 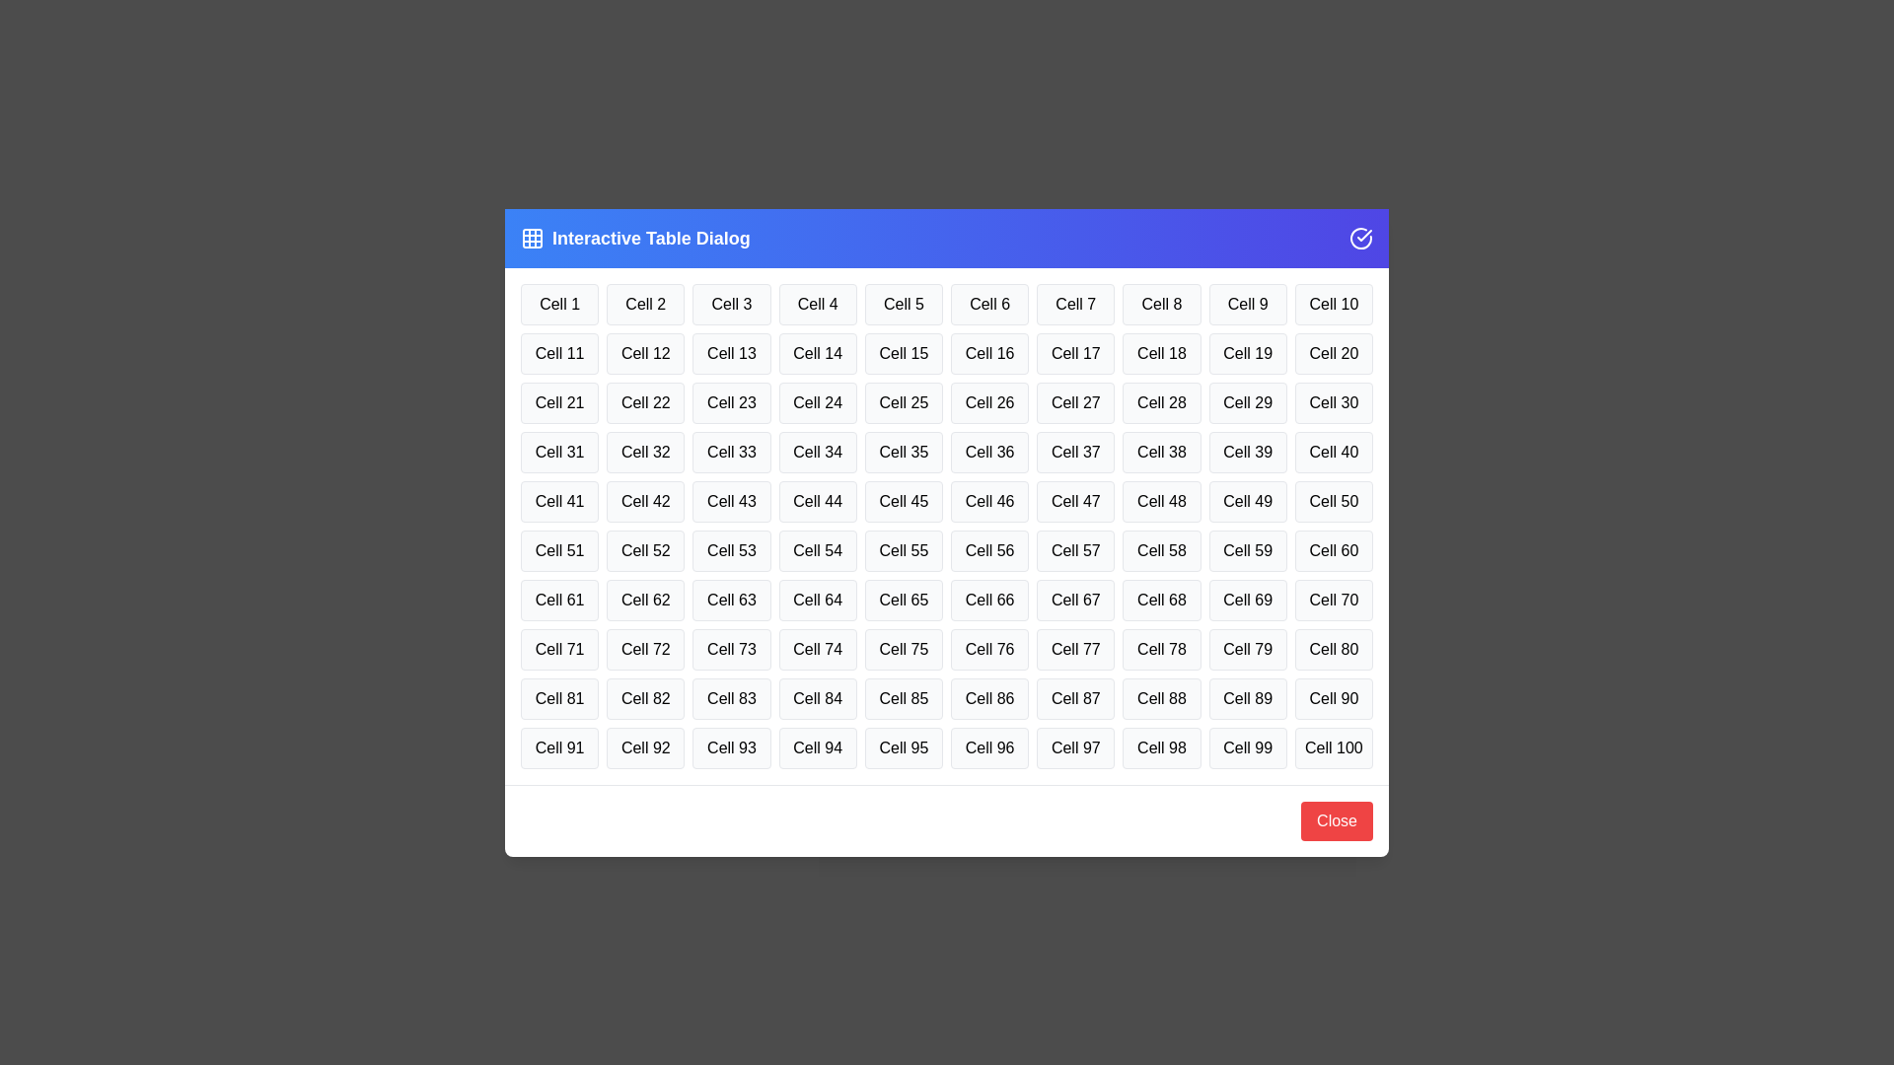 What do you see at coordinates (98, 99) in the screenshot?
I see `the background overlay outside the dialog to close it` at bounding box center [98, 99].